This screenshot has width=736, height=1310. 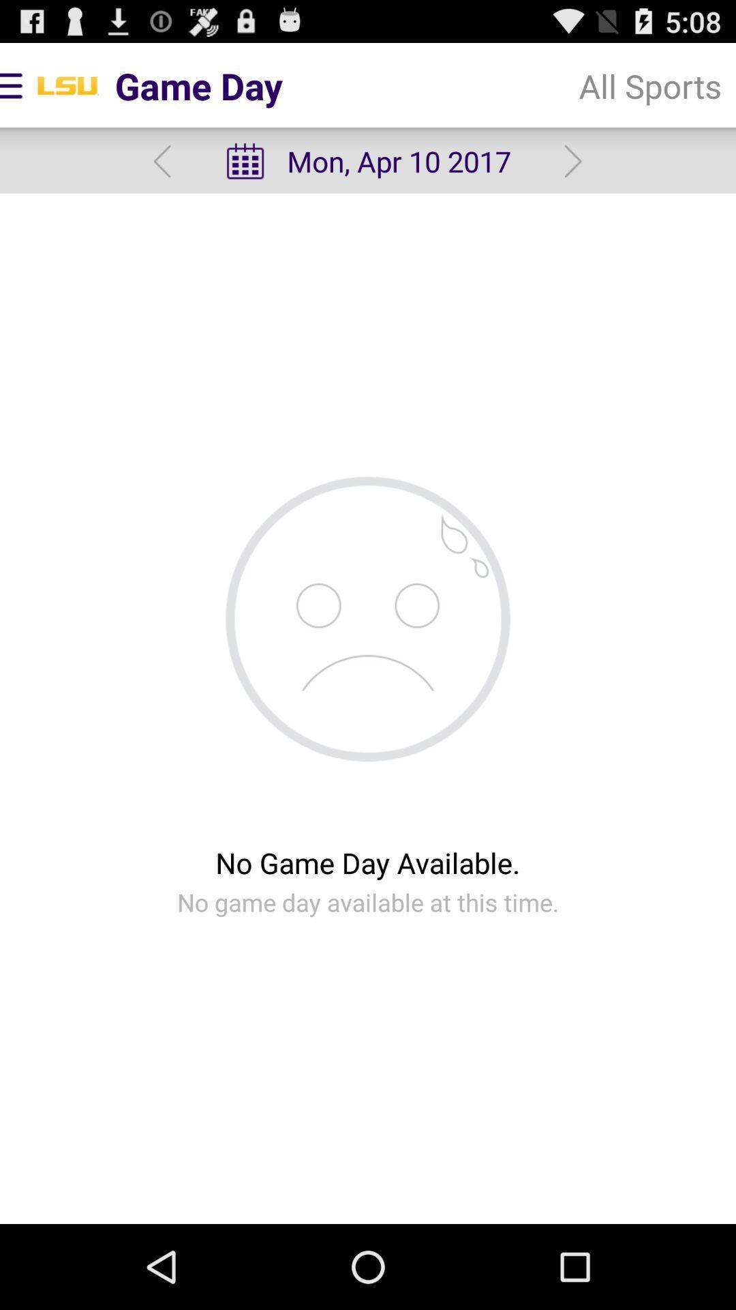 I want to click on mon apr 10 icon, so click(x=367, y=161).